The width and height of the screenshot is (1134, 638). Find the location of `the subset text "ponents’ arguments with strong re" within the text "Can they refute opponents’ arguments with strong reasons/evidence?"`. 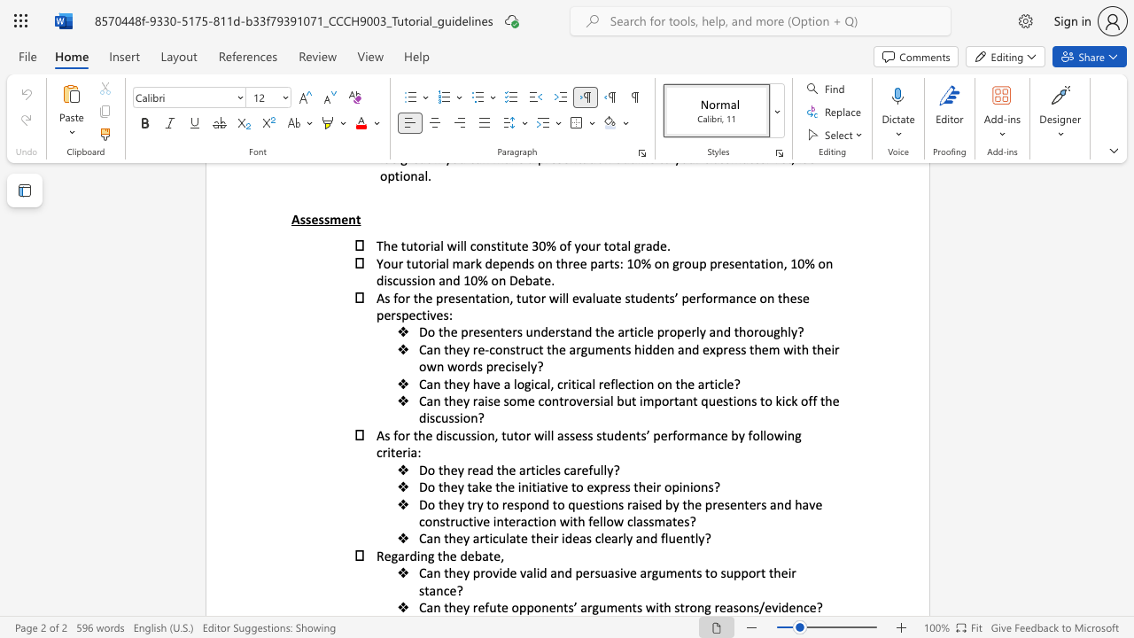

the subset text "ponents’ arguments with strong re" within the text "Can they refute opponents’ arguments with strong reasons/evidence?" is located at coordinates (525, 606).